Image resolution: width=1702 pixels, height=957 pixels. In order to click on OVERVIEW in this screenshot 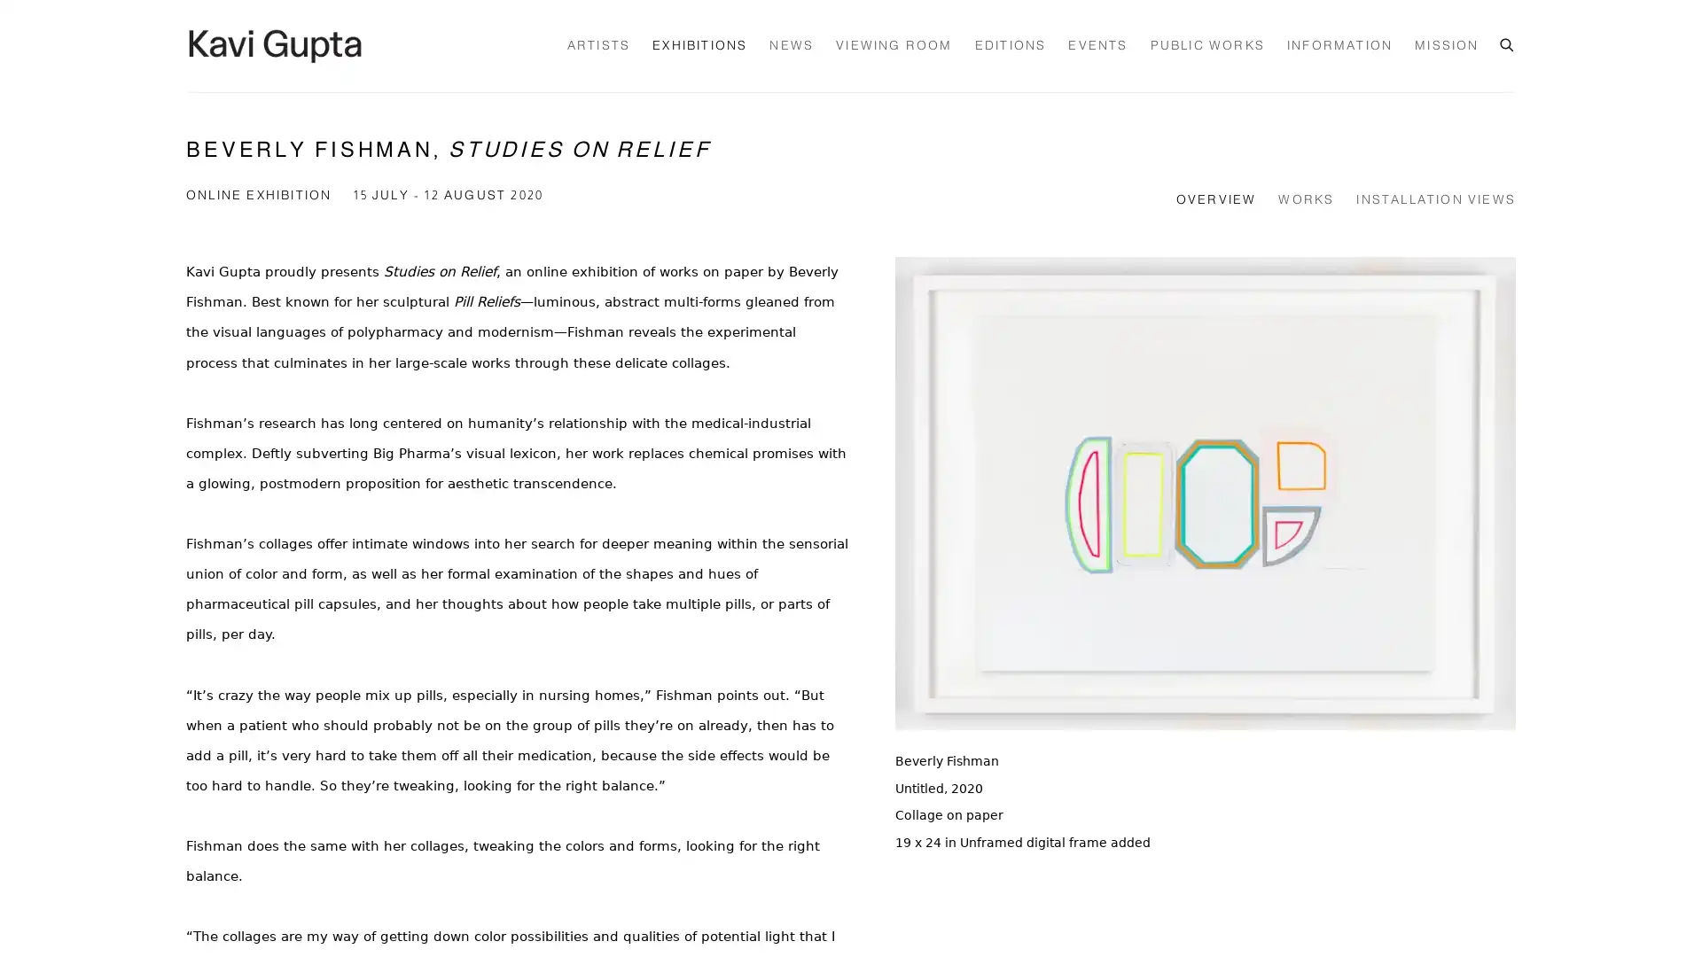, I will do `click(1214, 200)`.